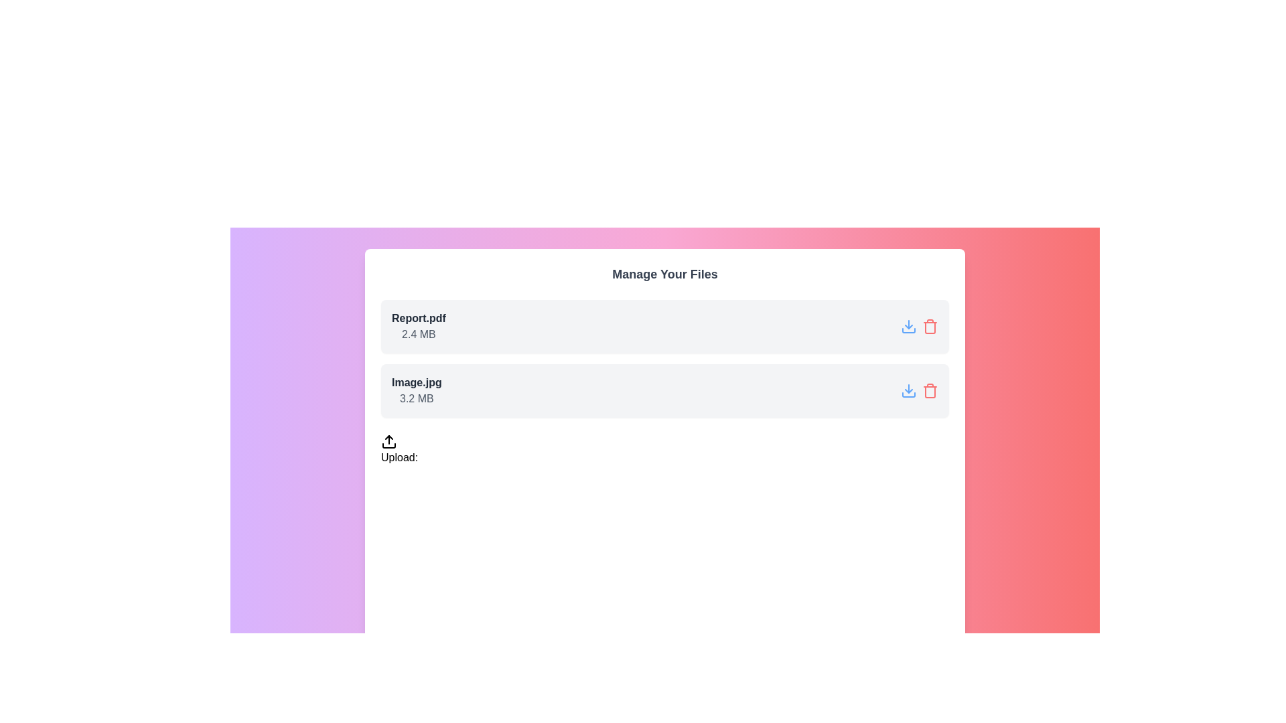  What do you see at coordinates (418, 318) in the screenshot?
I see `text content of the file name label located at the top of the list layout, positioned above the file size label displaying '2.4 MB'` at bounding box center [418, 318].